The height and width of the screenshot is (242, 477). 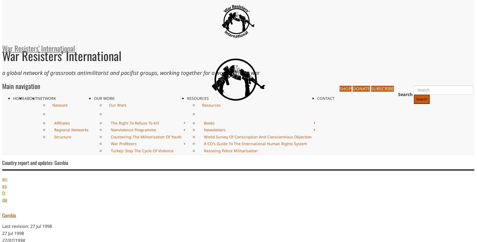 I want to click on 'es', so click(x=4, y=186).